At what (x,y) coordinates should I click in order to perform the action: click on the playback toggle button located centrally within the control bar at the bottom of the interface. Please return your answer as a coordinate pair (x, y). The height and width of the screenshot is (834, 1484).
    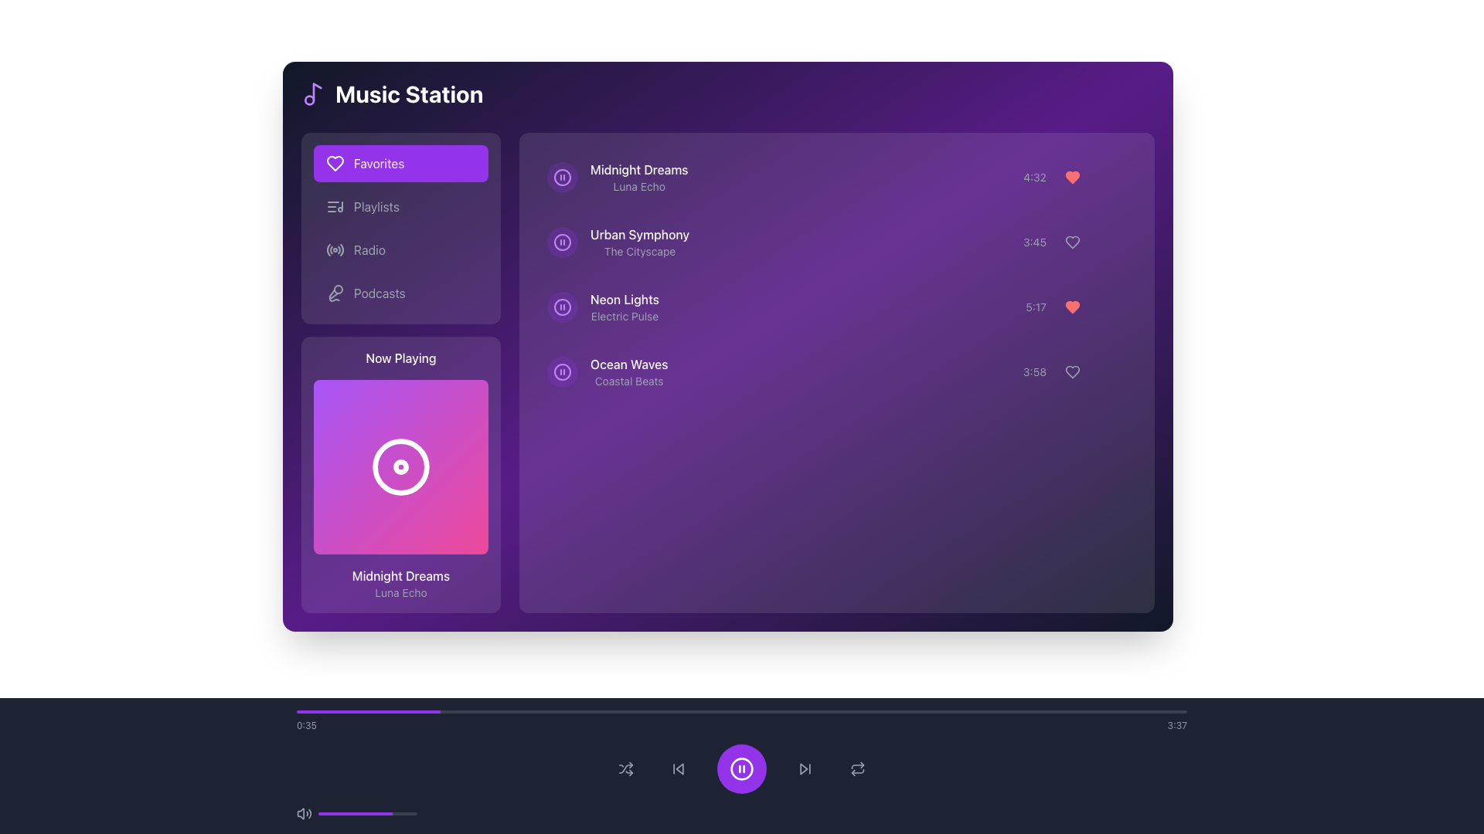
    Looking at the image, I should click on (742, 768).